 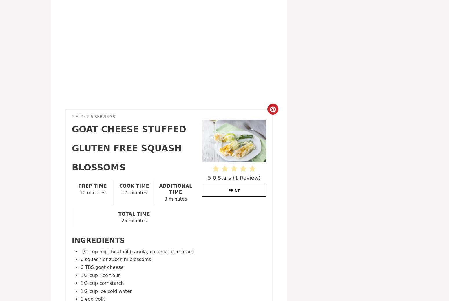 I want to click on 'Additional Time', so click(x=176, y=189).